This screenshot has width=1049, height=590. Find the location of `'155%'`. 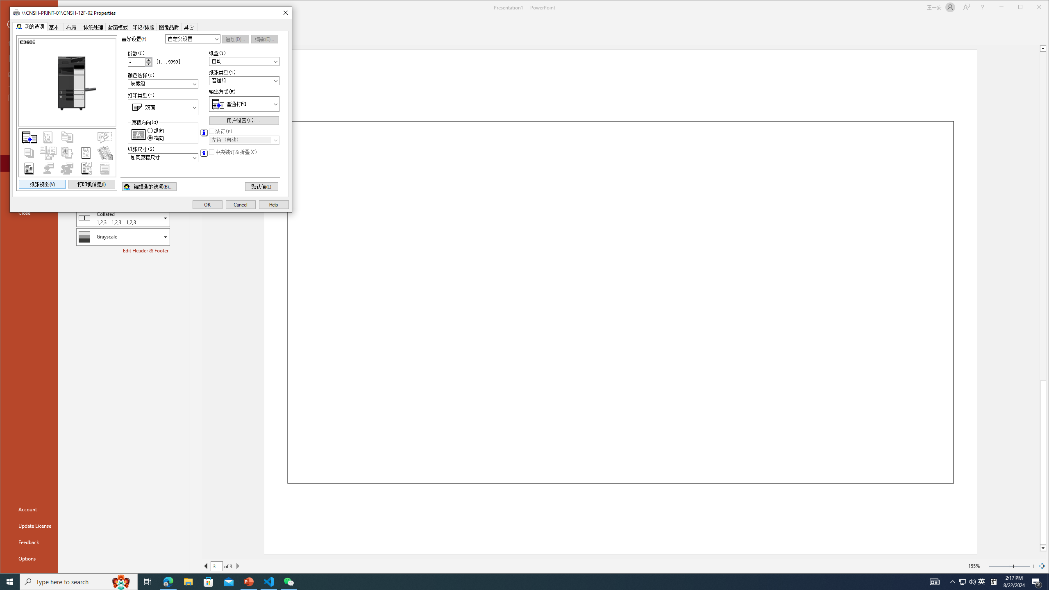

'155%' is located at coordinates (974, 565).